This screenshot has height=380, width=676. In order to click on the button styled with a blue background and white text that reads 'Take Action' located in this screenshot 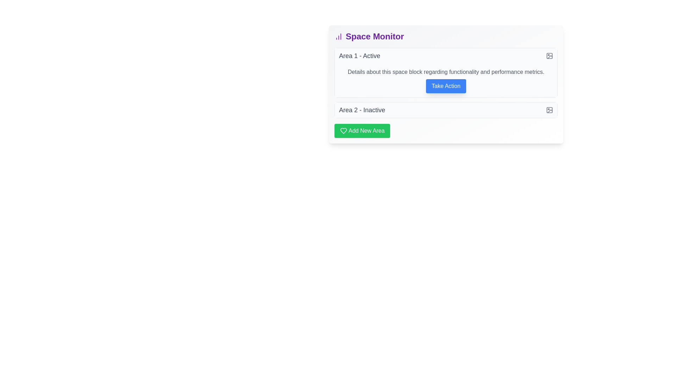, I will do `click(446, 86)`.